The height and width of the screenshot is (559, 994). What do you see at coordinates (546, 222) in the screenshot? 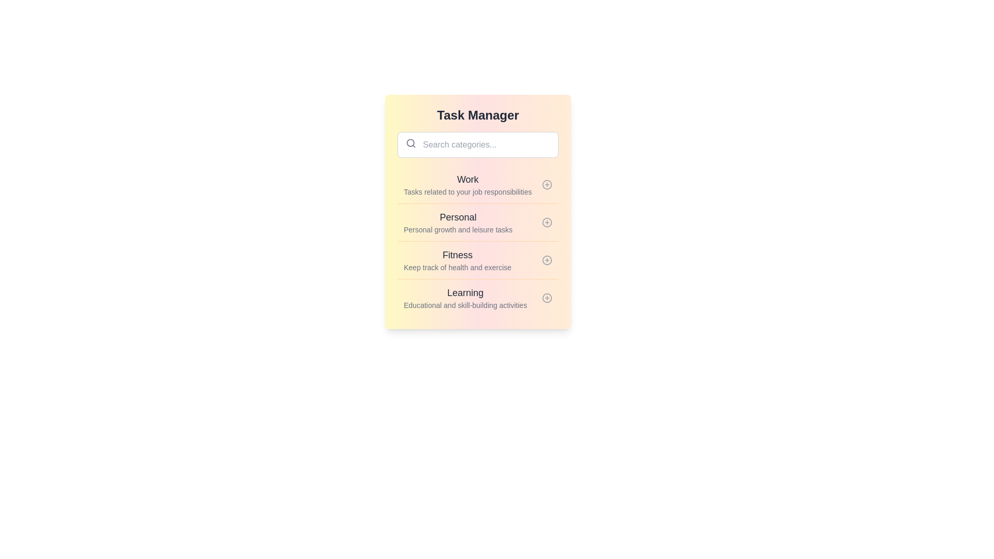
I see `the circular shape of the 'plus' icon located in the second row of the 'Task Manager' list, adjacent to the 'Personal' category description` at bounding box center [546, 222].